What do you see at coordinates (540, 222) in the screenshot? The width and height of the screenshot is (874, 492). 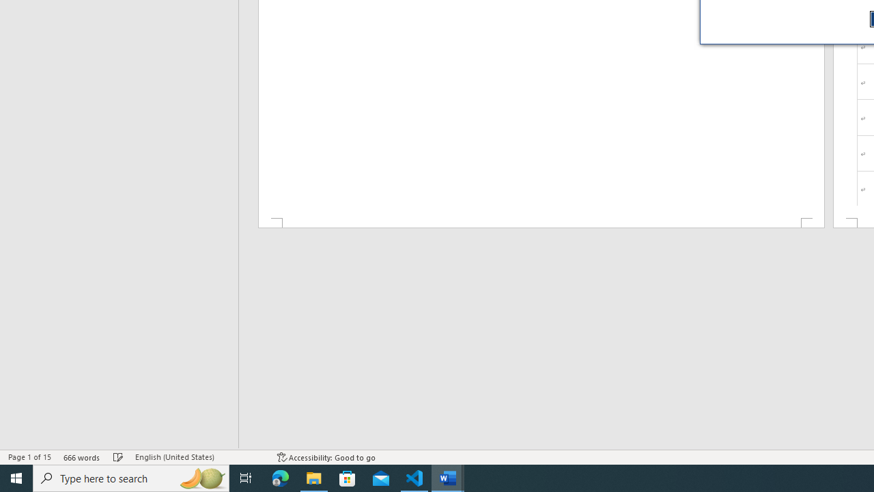 I see `'Footer -Section 1-'` at bounding box center [540, 222].